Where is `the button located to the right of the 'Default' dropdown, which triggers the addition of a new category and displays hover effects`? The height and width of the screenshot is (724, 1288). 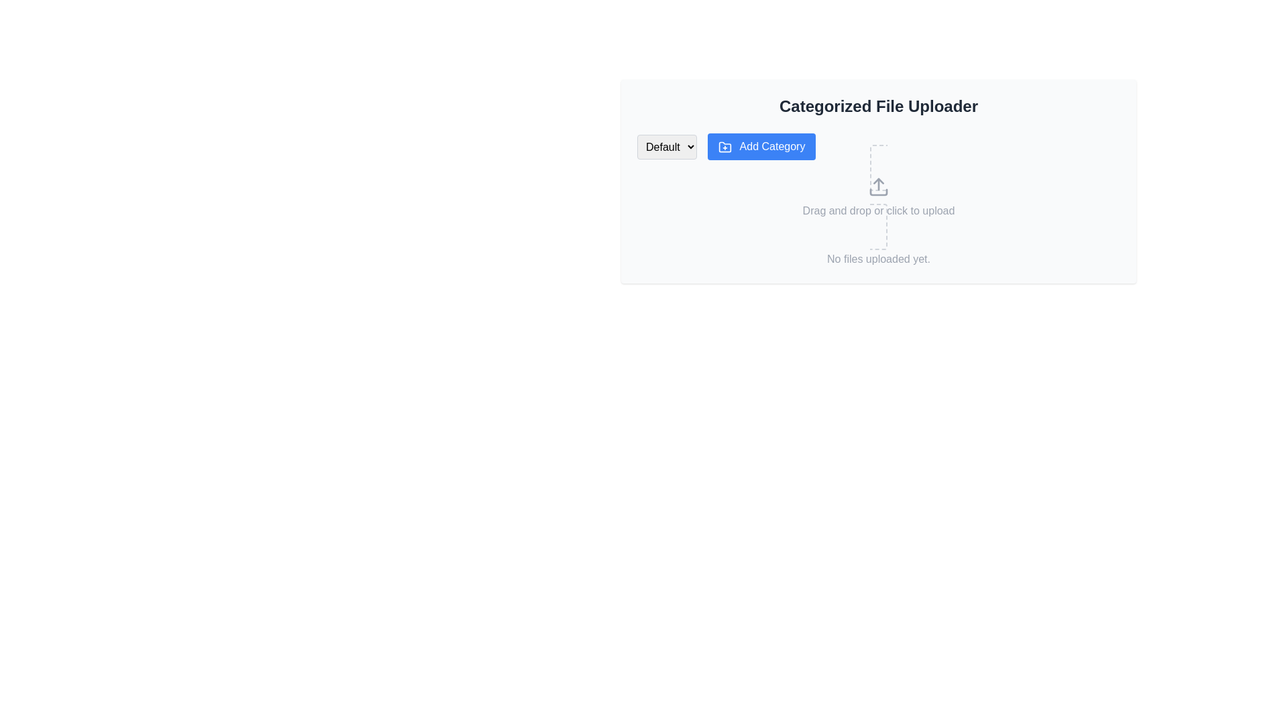 the button located to the right of the 'Default' dropdown, which triggers the addition of a new category and displays hover effects is located at coordinates (761, 147).